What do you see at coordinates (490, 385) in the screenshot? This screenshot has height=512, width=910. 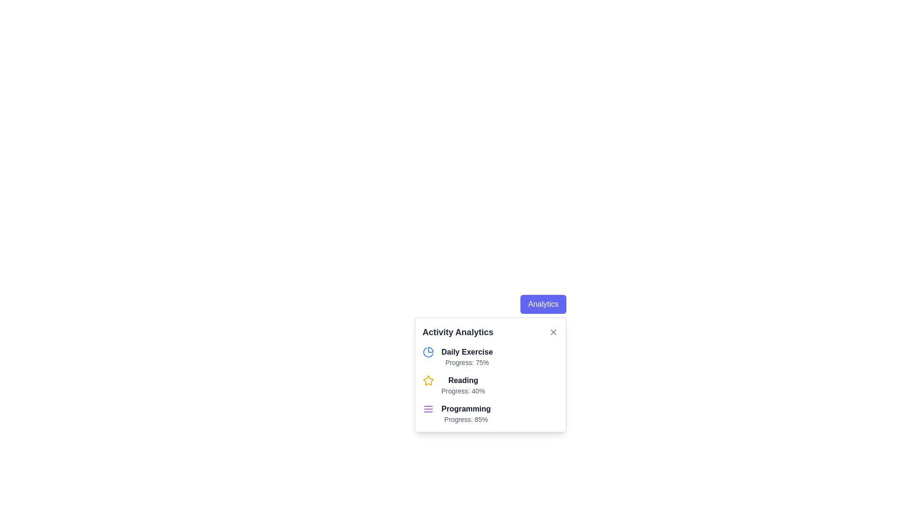 I see `the informational display that shows the progress percentage of a reading activity, located under the 'Daily Exercise' item and above the 'Programming' item in the 'Activity Analytics' section` at bounding box center [490, 385].